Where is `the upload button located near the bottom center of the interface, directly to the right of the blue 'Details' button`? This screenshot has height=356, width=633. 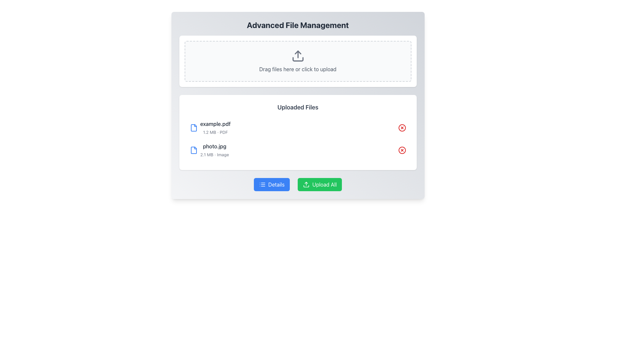 the upload button located near the bottom center of the interface, directly to the right of the blue 'Details' button is located at coordinates (320, 184).